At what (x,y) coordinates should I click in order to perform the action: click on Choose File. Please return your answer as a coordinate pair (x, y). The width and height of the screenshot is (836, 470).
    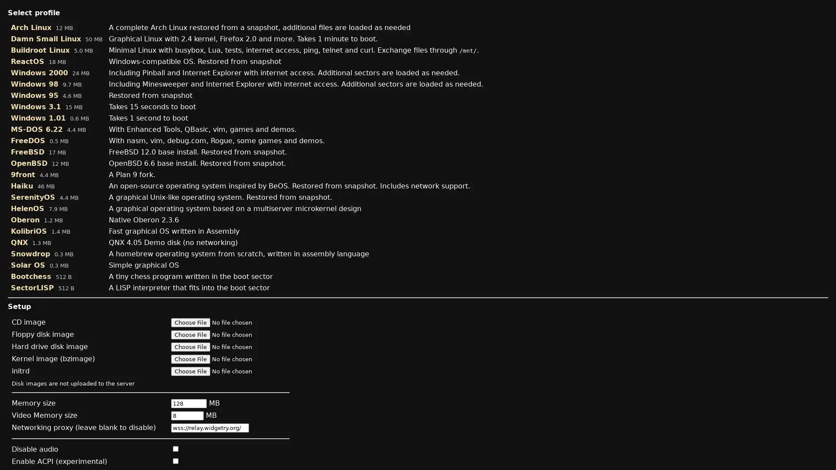
    Looking at the image, I should click on (190, 346).